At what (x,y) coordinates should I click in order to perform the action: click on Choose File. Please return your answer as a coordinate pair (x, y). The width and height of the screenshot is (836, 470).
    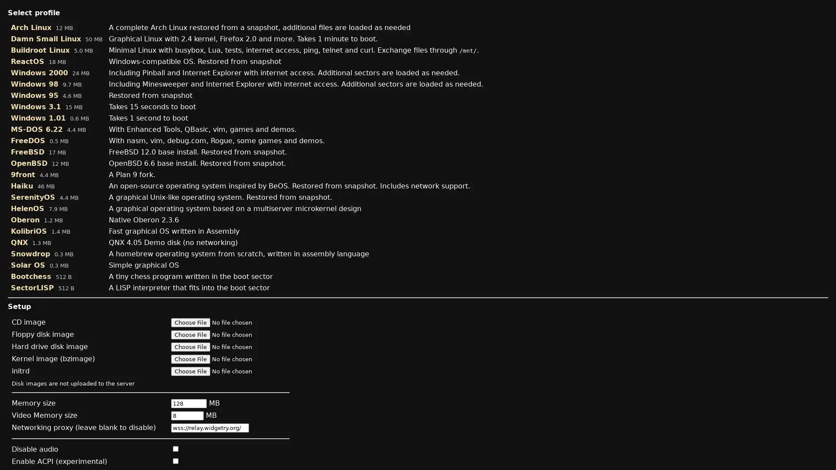
    Looking at the image, I should click on (190, 346).